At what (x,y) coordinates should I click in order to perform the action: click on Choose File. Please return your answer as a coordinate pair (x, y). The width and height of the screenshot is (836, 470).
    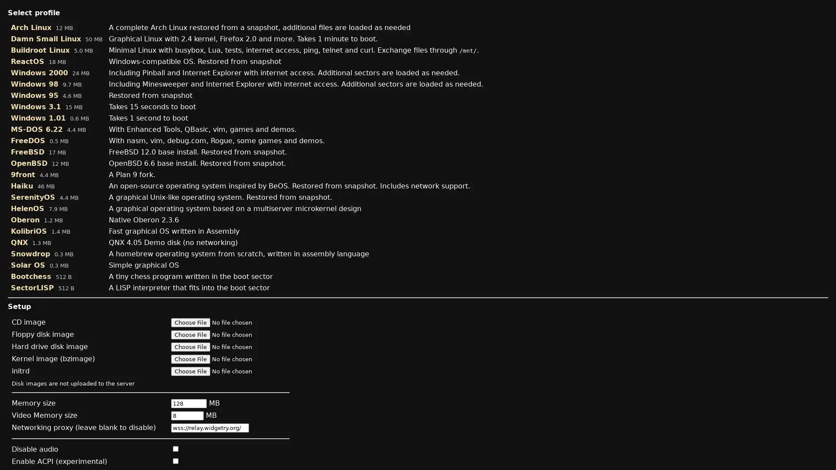
    Looking at the image, I should click on (190, 346).